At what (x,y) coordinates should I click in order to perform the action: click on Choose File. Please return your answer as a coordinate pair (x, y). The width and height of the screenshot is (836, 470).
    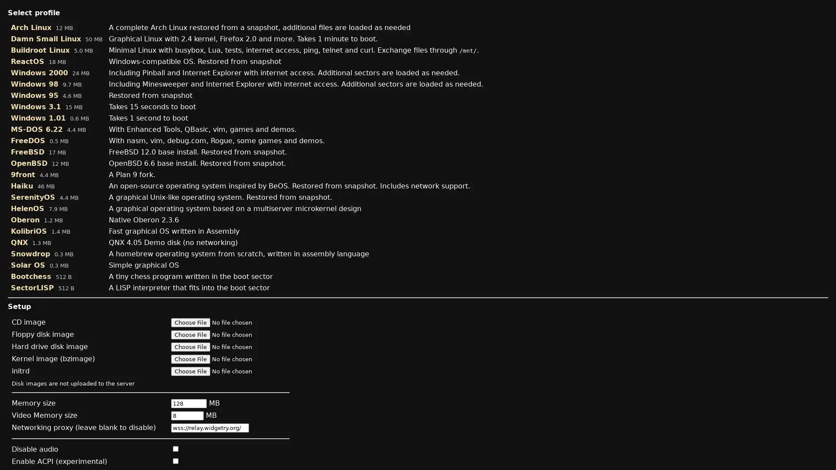
    Looking at the image, I should click on (190, 346).